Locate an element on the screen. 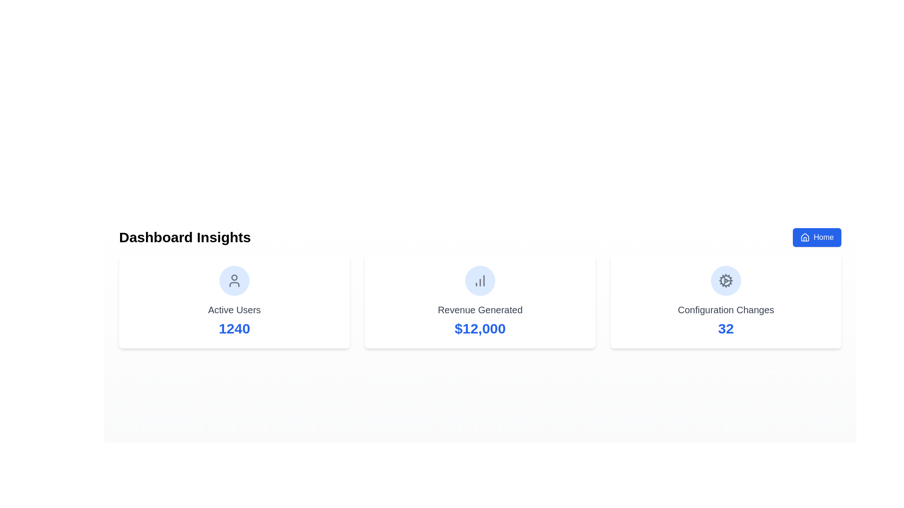 The height and width of the screenshot is (508, 904). the text label indicating 'Configuration Changes' which is located in the third card from the left, positioned below a cogwheel icon and above the number '32' is located at coordinates (725, 310).